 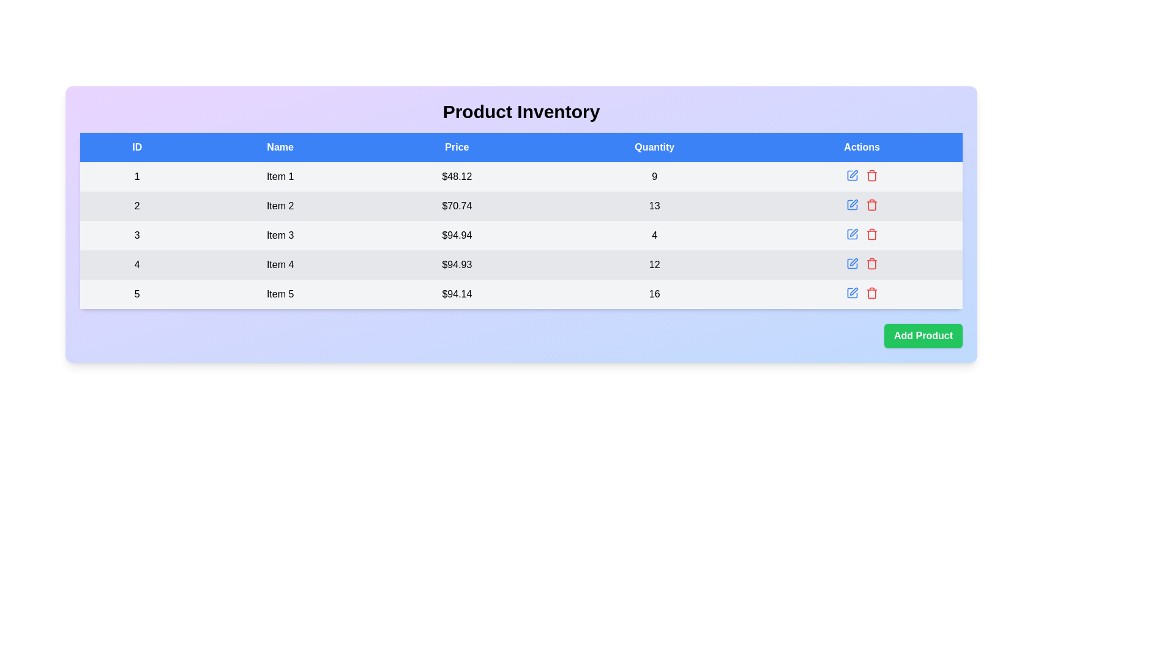 I want to click on the Text label displaying the price '$94.14' located in the third cell of the row labeled 'Item 5' under the 'Price' column, so click(x=456, y=294).